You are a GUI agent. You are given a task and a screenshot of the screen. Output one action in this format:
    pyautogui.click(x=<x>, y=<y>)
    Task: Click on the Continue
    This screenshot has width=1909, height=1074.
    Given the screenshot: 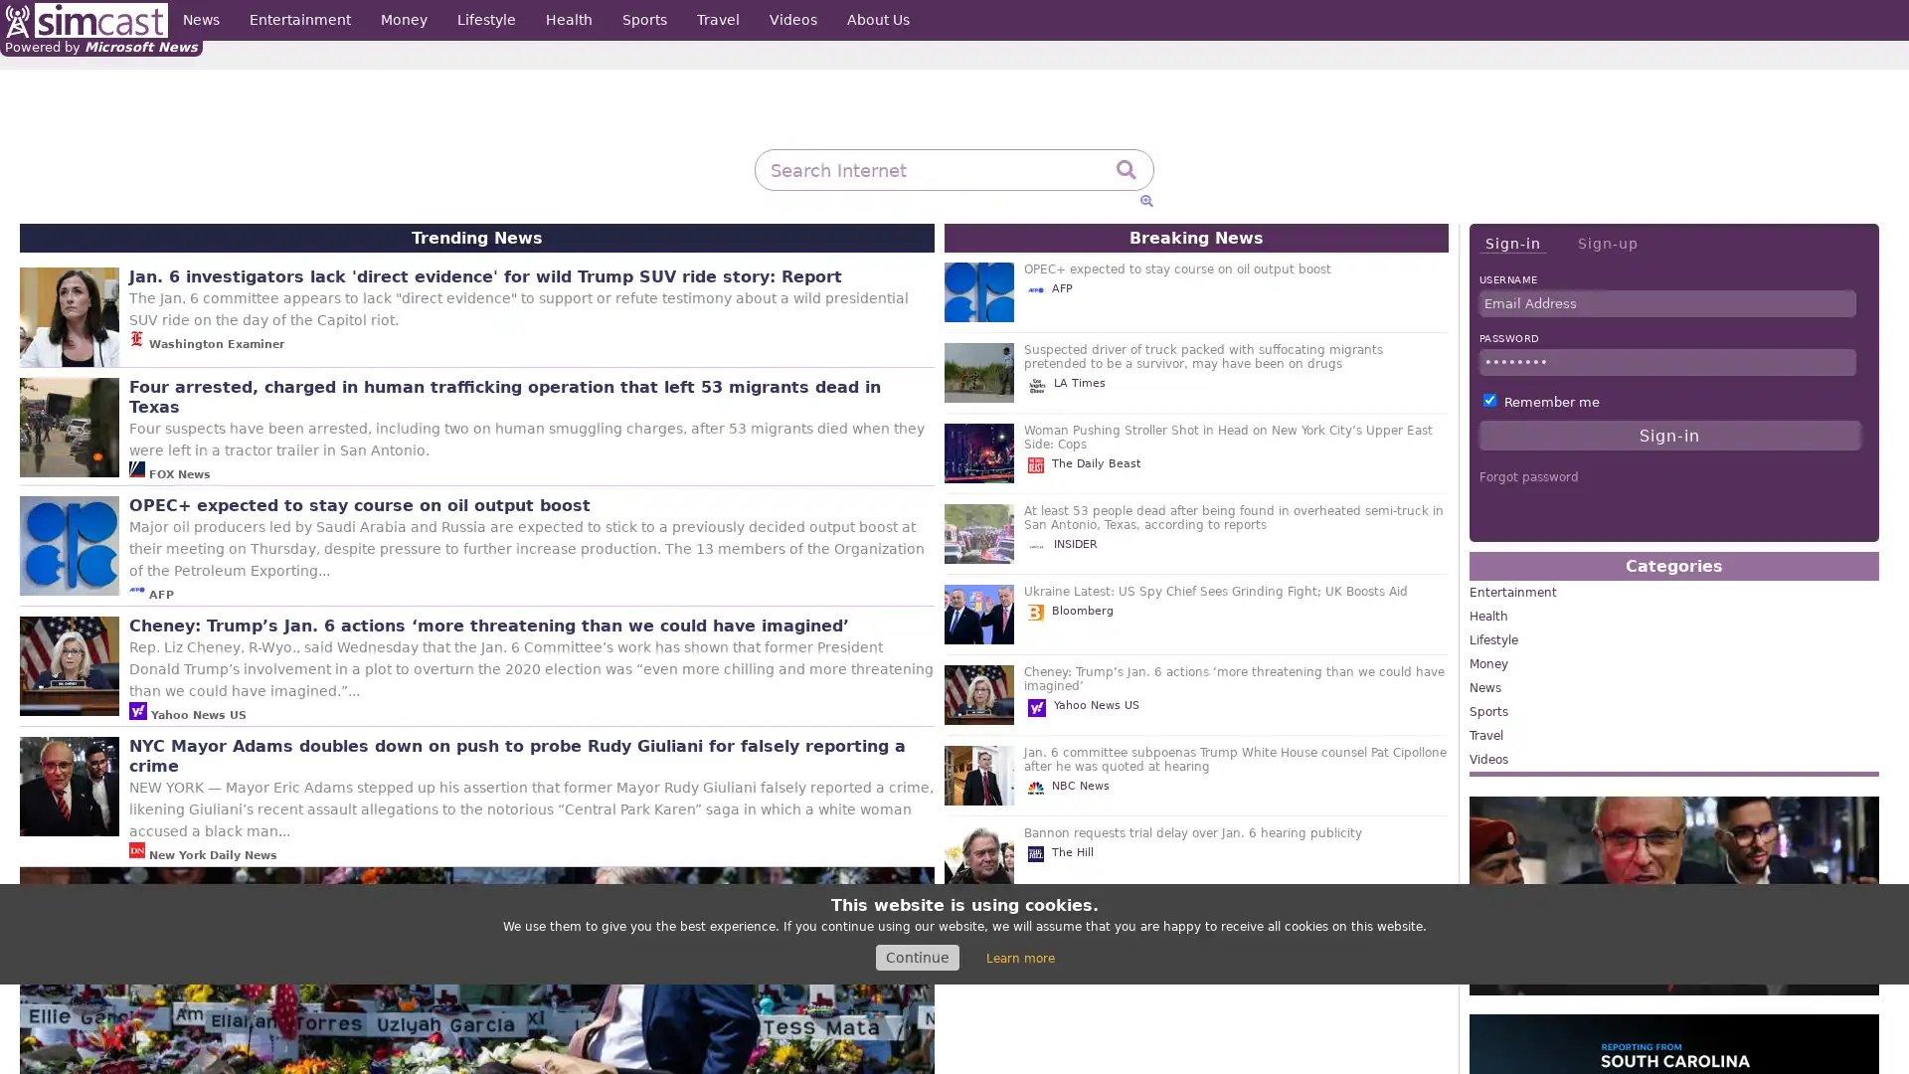 What is the action you would take?
    pyautogui.click(x=916, y=957)
    